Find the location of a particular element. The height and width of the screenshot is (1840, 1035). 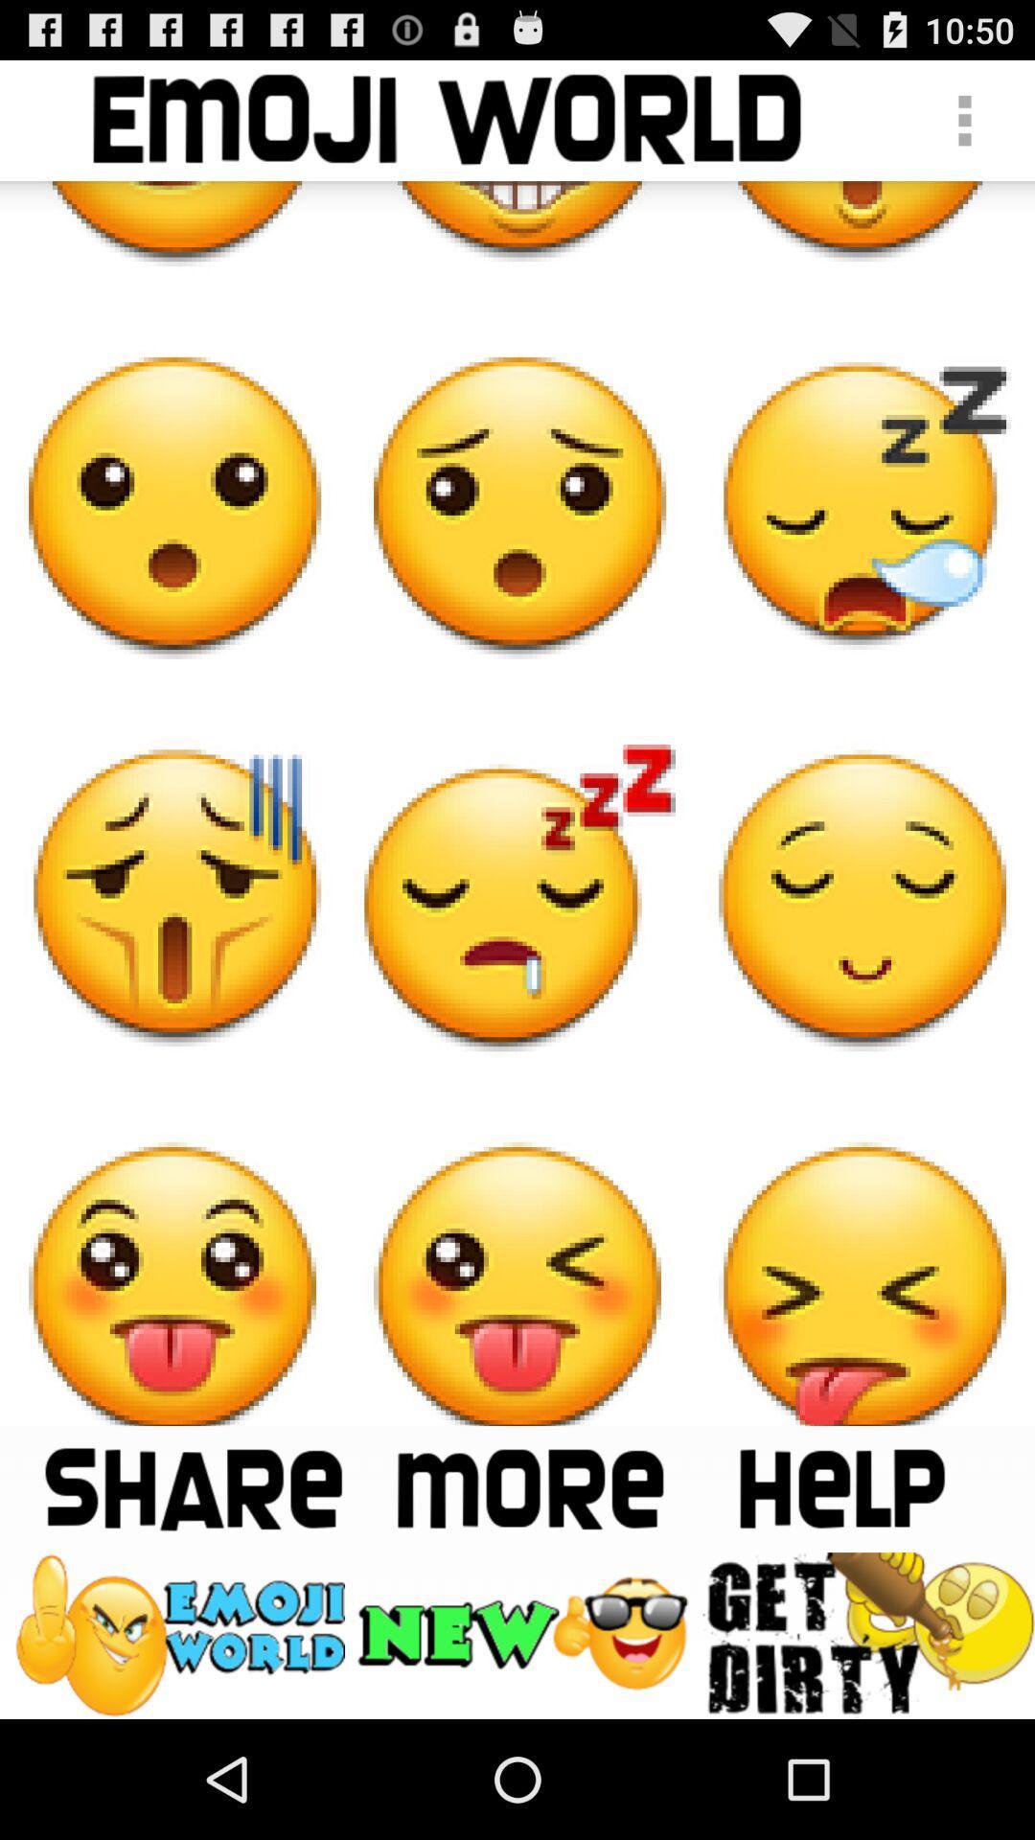

ask help is located at coordinates (839, 1487).